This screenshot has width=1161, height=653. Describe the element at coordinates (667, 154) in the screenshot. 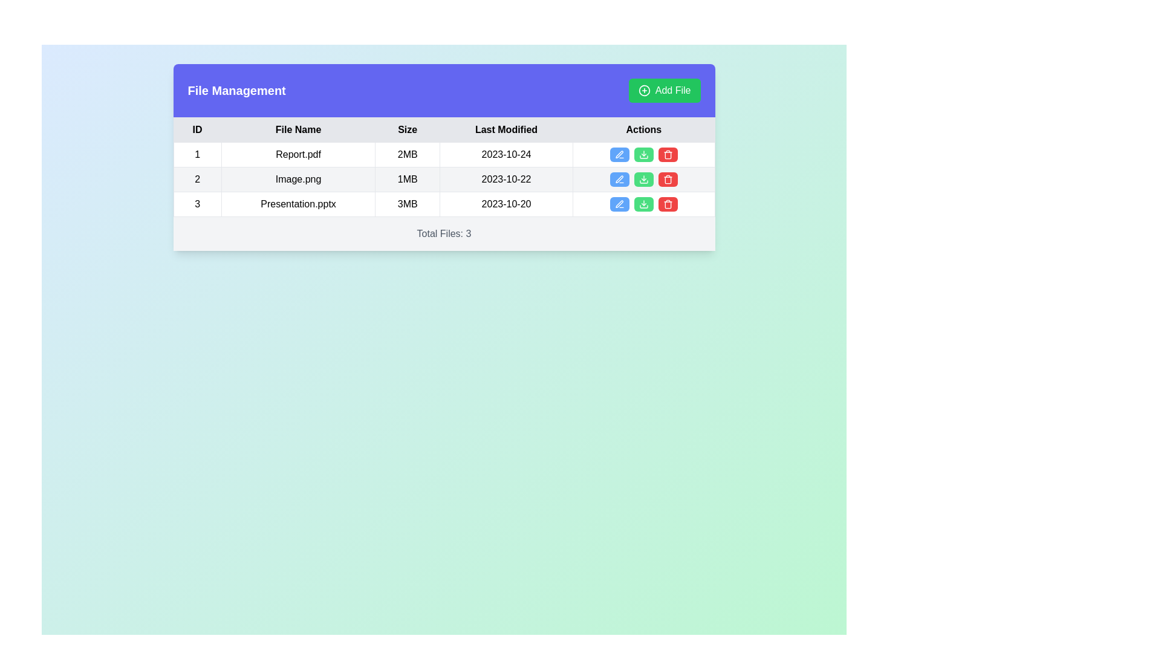

I see `the delete button, which is represented by a trash can icon located in the 'Actions' column of the third row in the file management table` at that location.